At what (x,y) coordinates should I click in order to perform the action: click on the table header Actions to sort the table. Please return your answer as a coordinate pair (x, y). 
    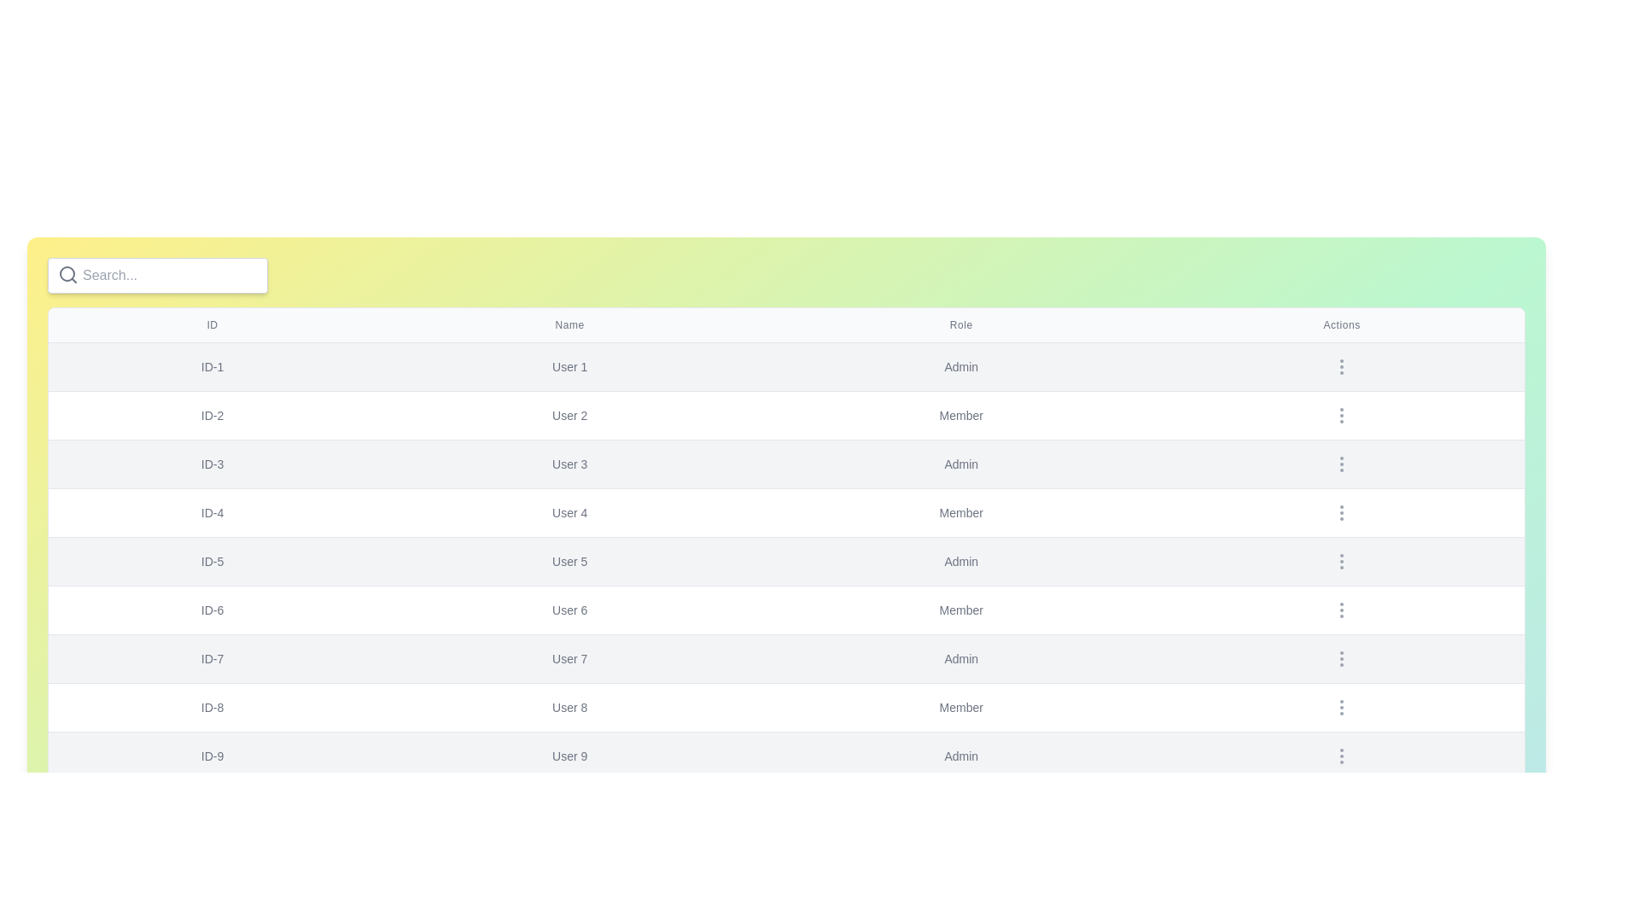
    Looking at the image, I should click on (1340, 325).